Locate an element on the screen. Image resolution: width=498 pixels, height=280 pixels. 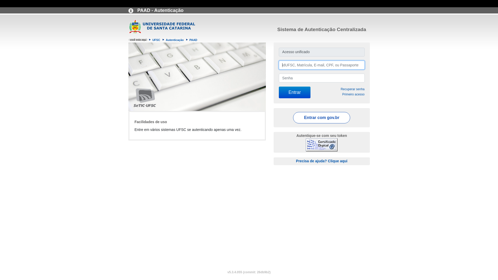
'Precisa de ajuda? Clique aqui' is located at coordinates (321, 161).